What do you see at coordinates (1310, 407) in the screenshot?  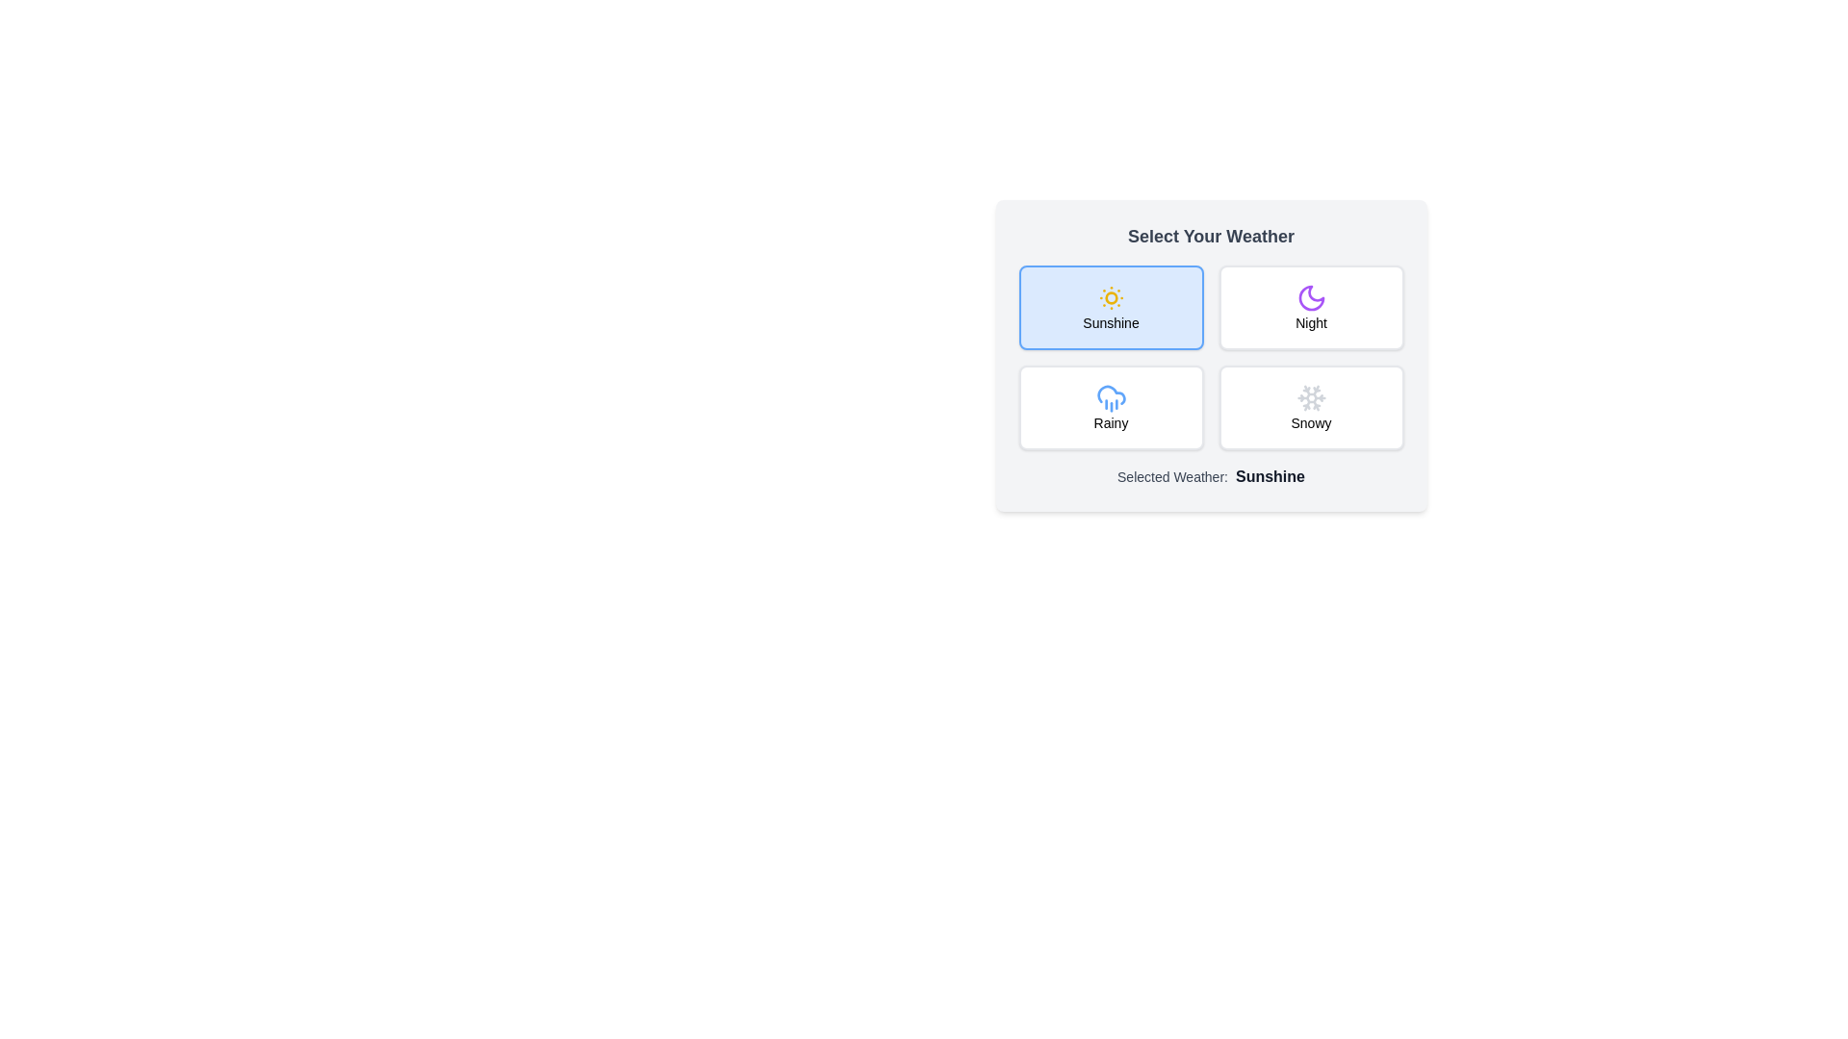 I see `the weather option Snowy by clicking its respective button` at bounding box center [1310, 407].